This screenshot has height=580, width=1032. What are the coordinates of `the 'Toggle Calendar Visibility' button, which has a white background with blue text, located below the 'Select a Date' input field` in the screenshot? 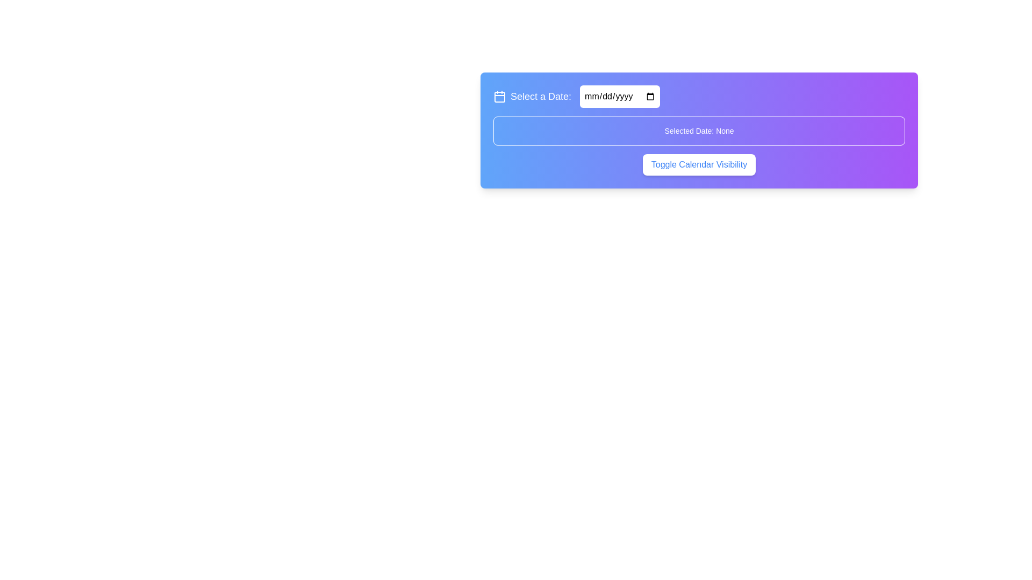 It's located at (699, 165).